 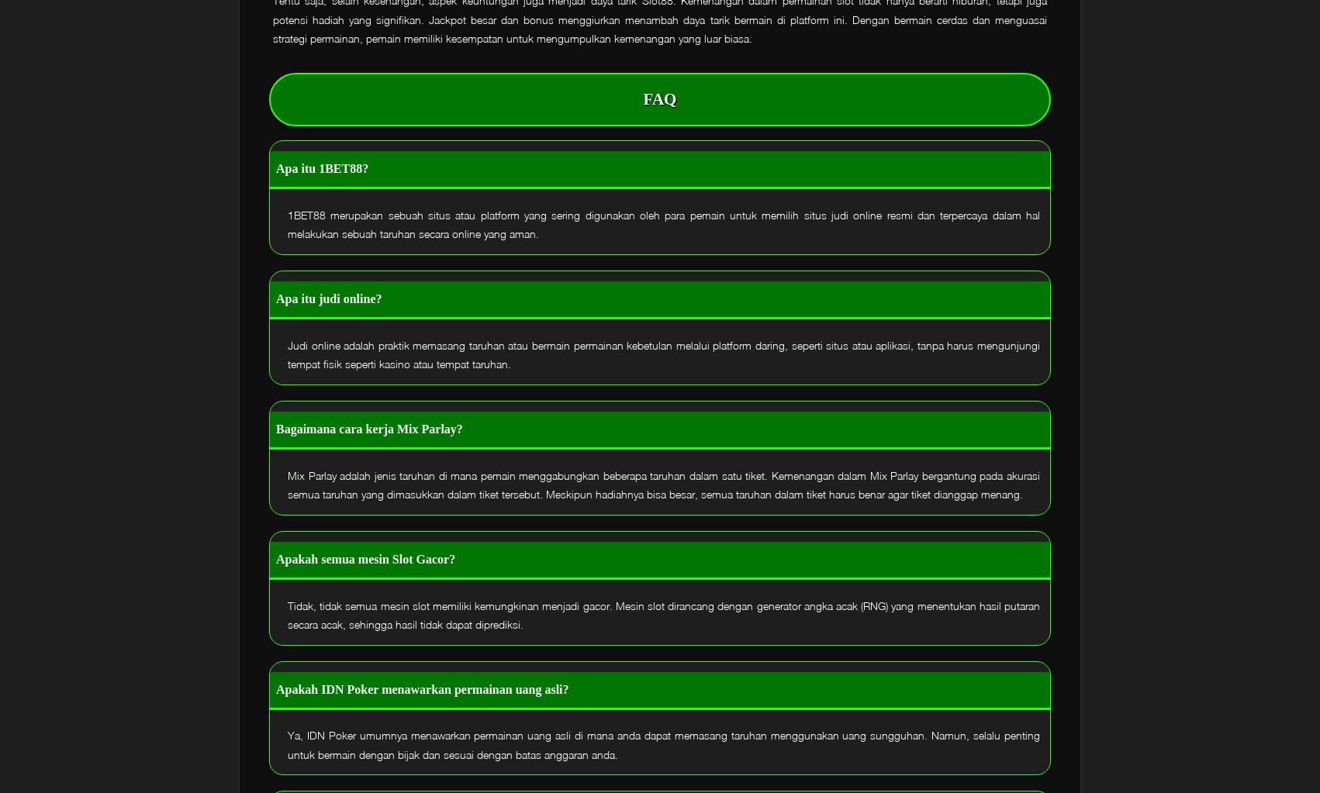 What do you see at coordinates (663, 483) in the screenshot?
I see `'Mix Parlay adalah jenis taruhan di mana pemain menggabungkan beberapa taruhan dalam satu tiket. Kemenangan dalam Mix Parlay bergantung pada akurasi semua taruhan yang dimasukkan dalam tiket tersebut. Meskipun hadiahnya bisa besar, semua taruhan dalam tiket harus benar agar tiket dianggap menang.'` at bounding box center [663, 483].